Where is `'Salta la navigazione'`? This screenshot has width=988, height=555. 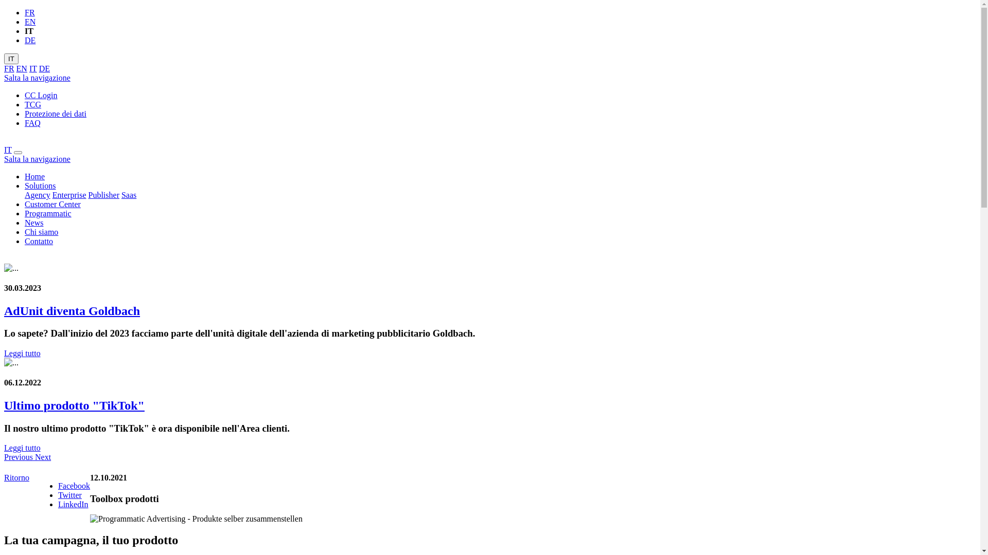 'Salta la navigazione' is located at coordinates (37, 77).